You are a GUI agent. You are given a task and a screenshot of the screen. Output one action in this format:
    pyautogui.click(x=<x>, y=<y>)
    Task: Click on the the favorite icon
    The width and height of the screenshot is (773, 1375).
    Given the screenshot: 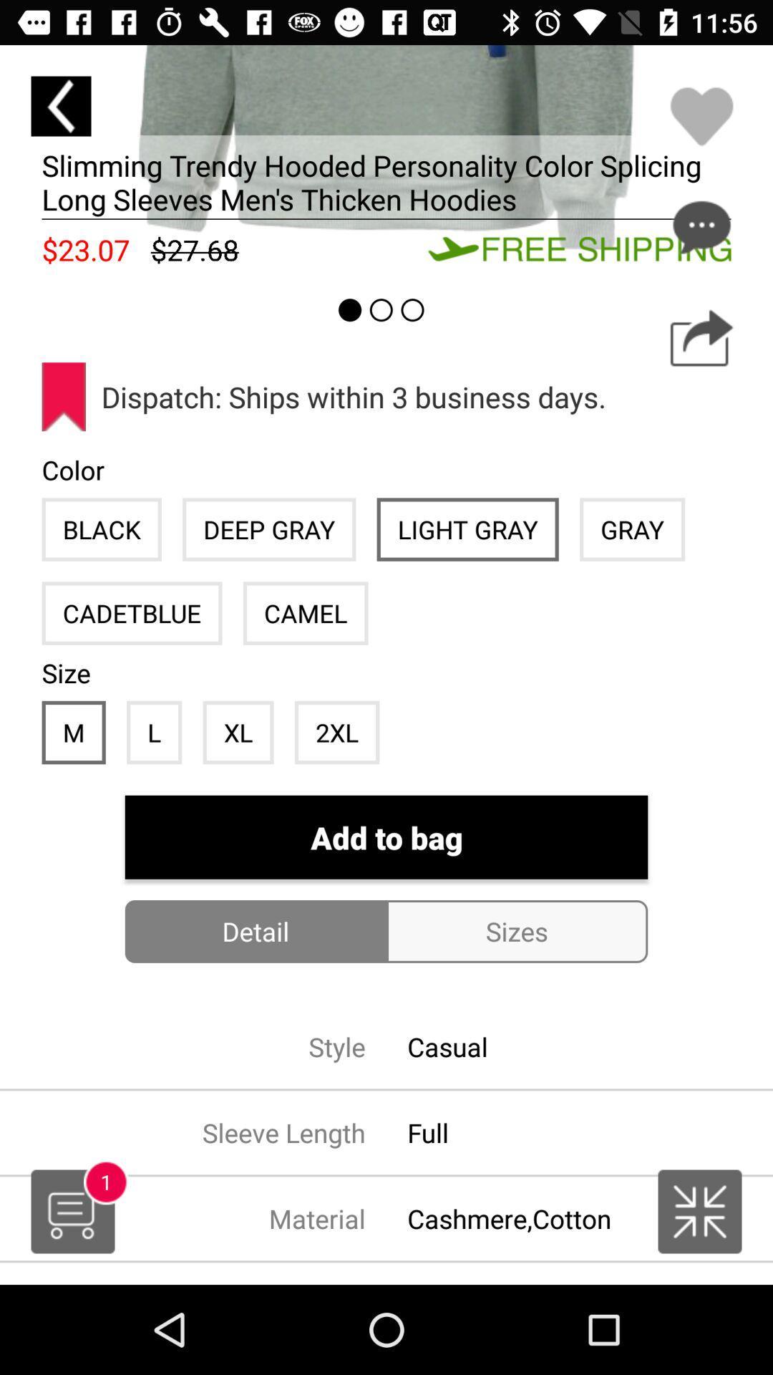 What is the action you would take?
    pyautogui.click(x=701, y=116)
    